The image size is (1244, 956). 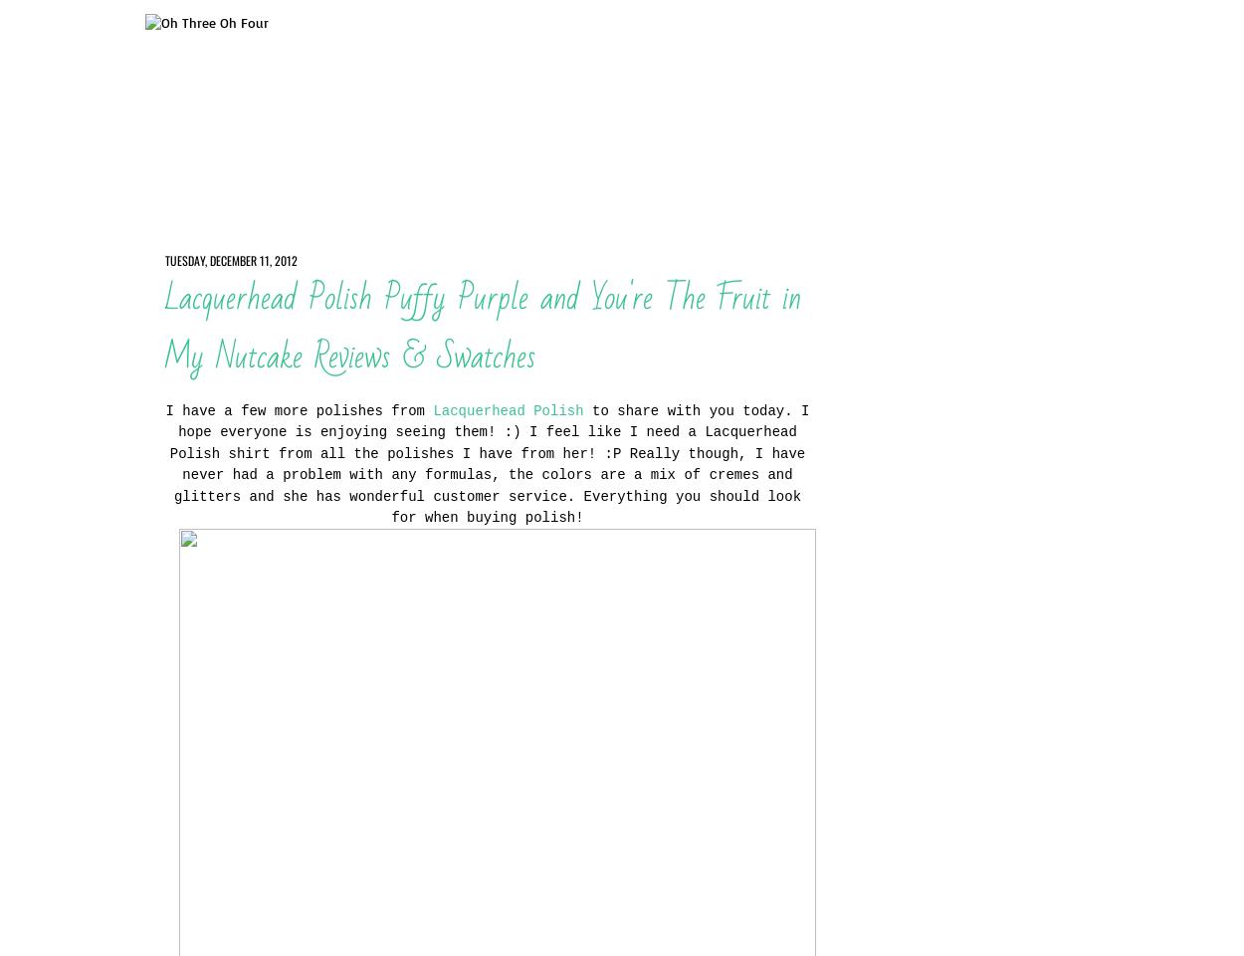 I want to click on 'Black Friday Deals', so click(x=902, y=181).